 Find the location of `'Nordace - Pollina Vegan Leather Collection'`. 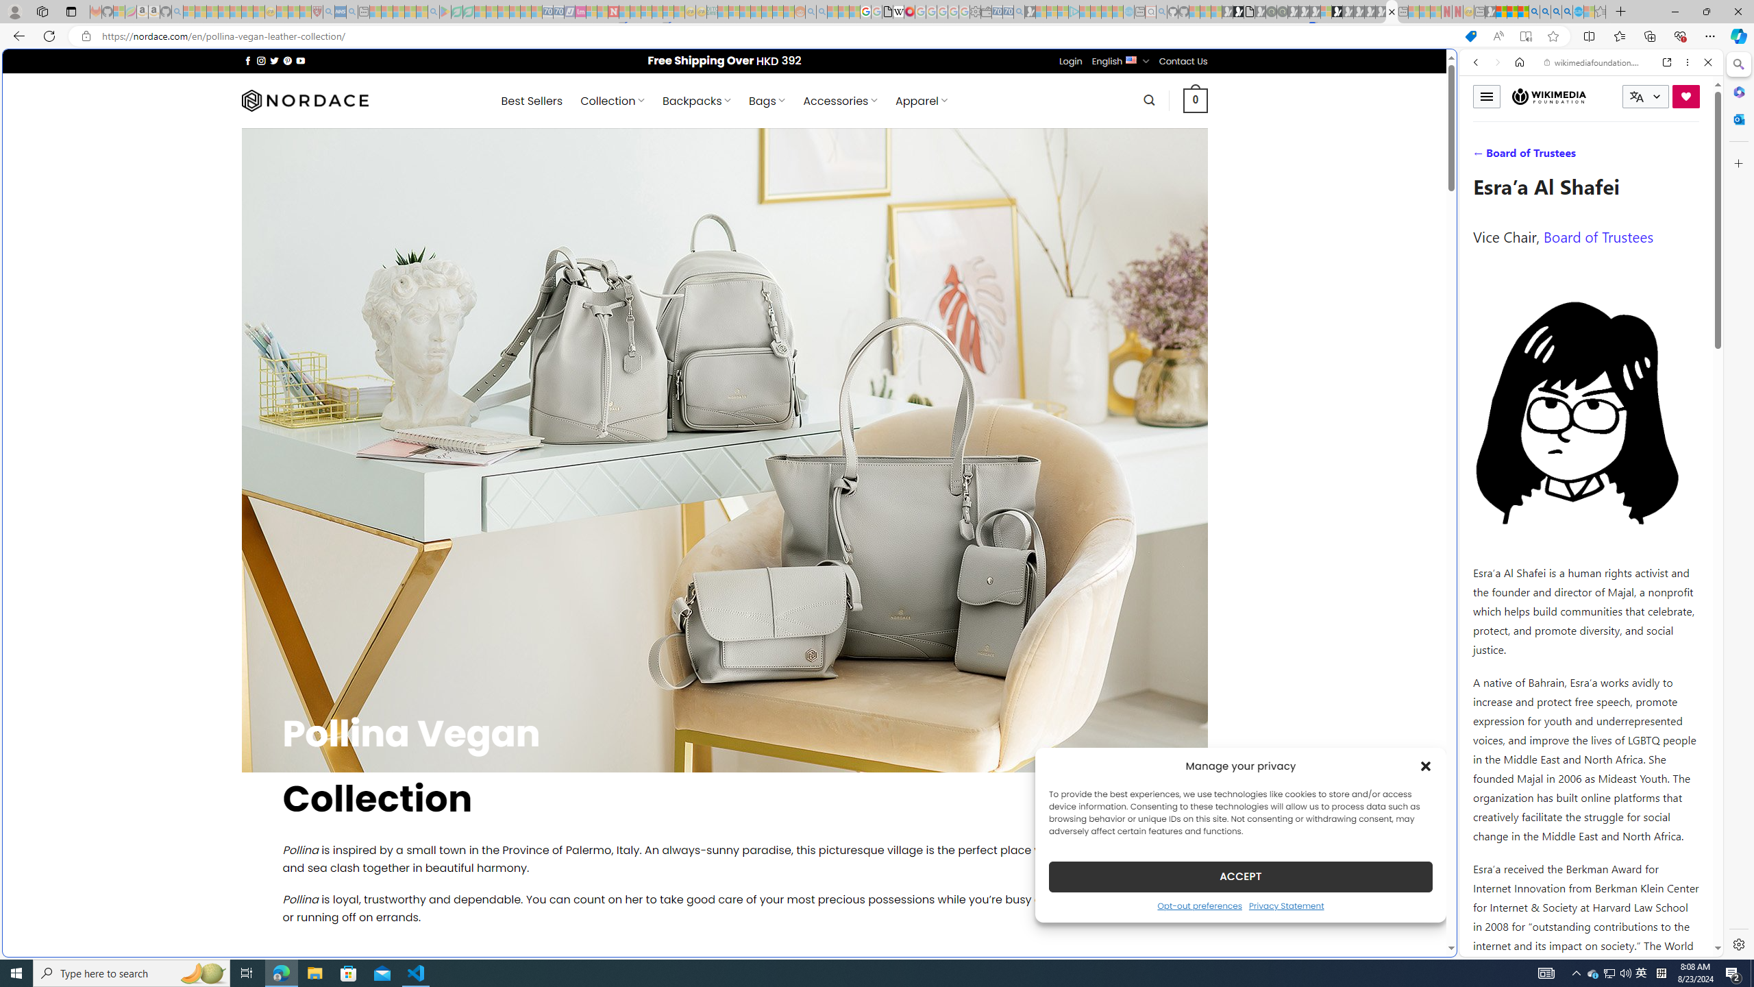

'Nordace - Pollina Vegan Leather Collection' is located at coordinates (1391, 11).